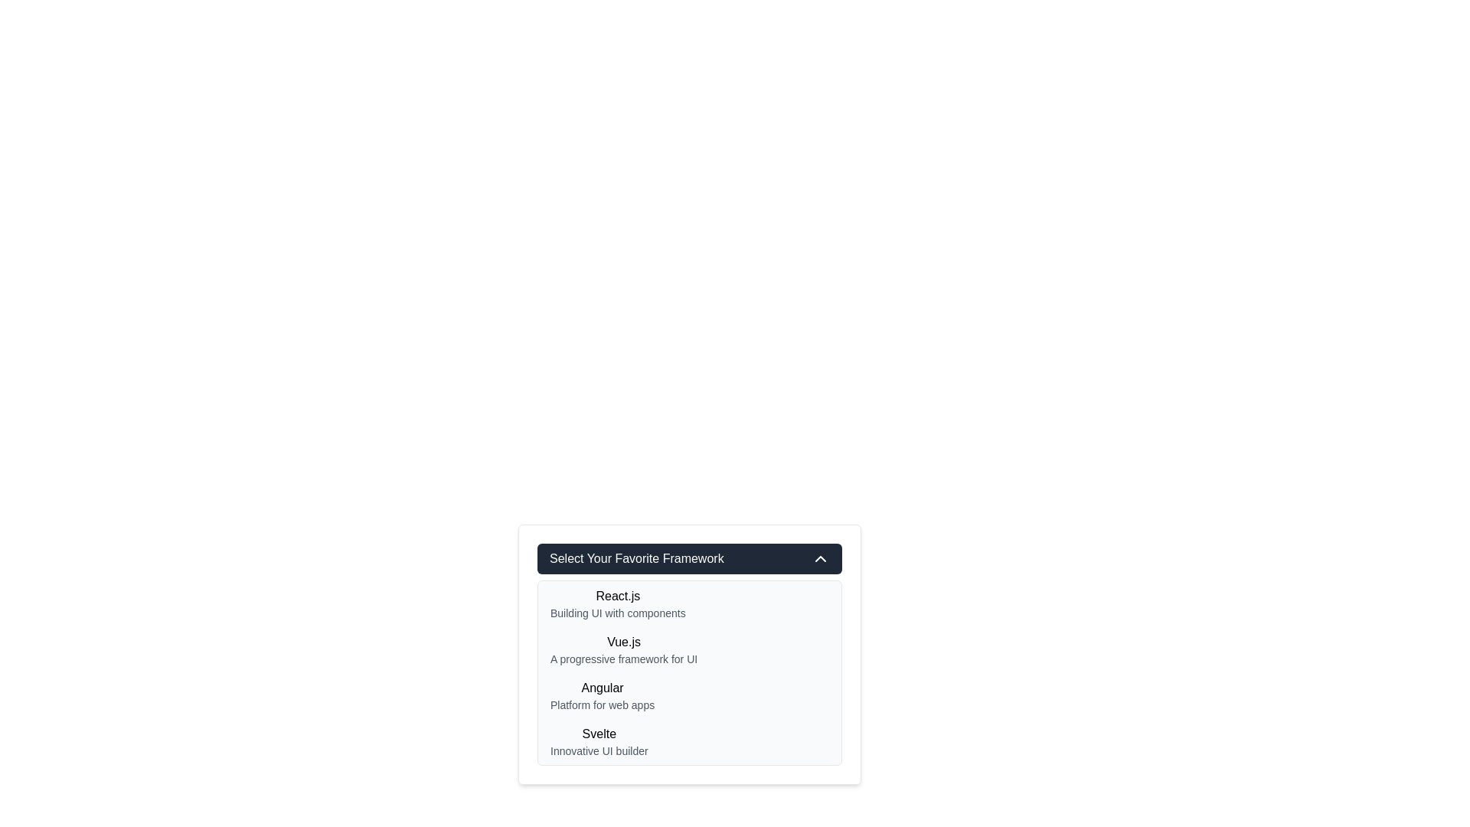 The height and width of the screenshot is (827, 1470). Describe the element at coordinates (602, 687) in the screenshot. I see `the 'Angular' text label` at that location.